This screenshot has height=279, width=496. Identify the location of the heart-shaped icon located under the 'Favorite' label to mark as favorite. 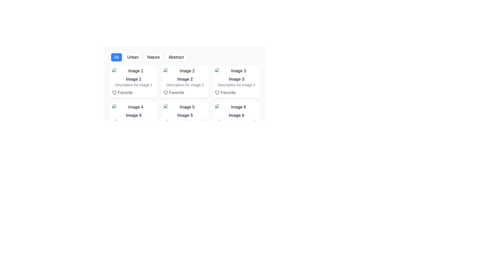
(166, 92).